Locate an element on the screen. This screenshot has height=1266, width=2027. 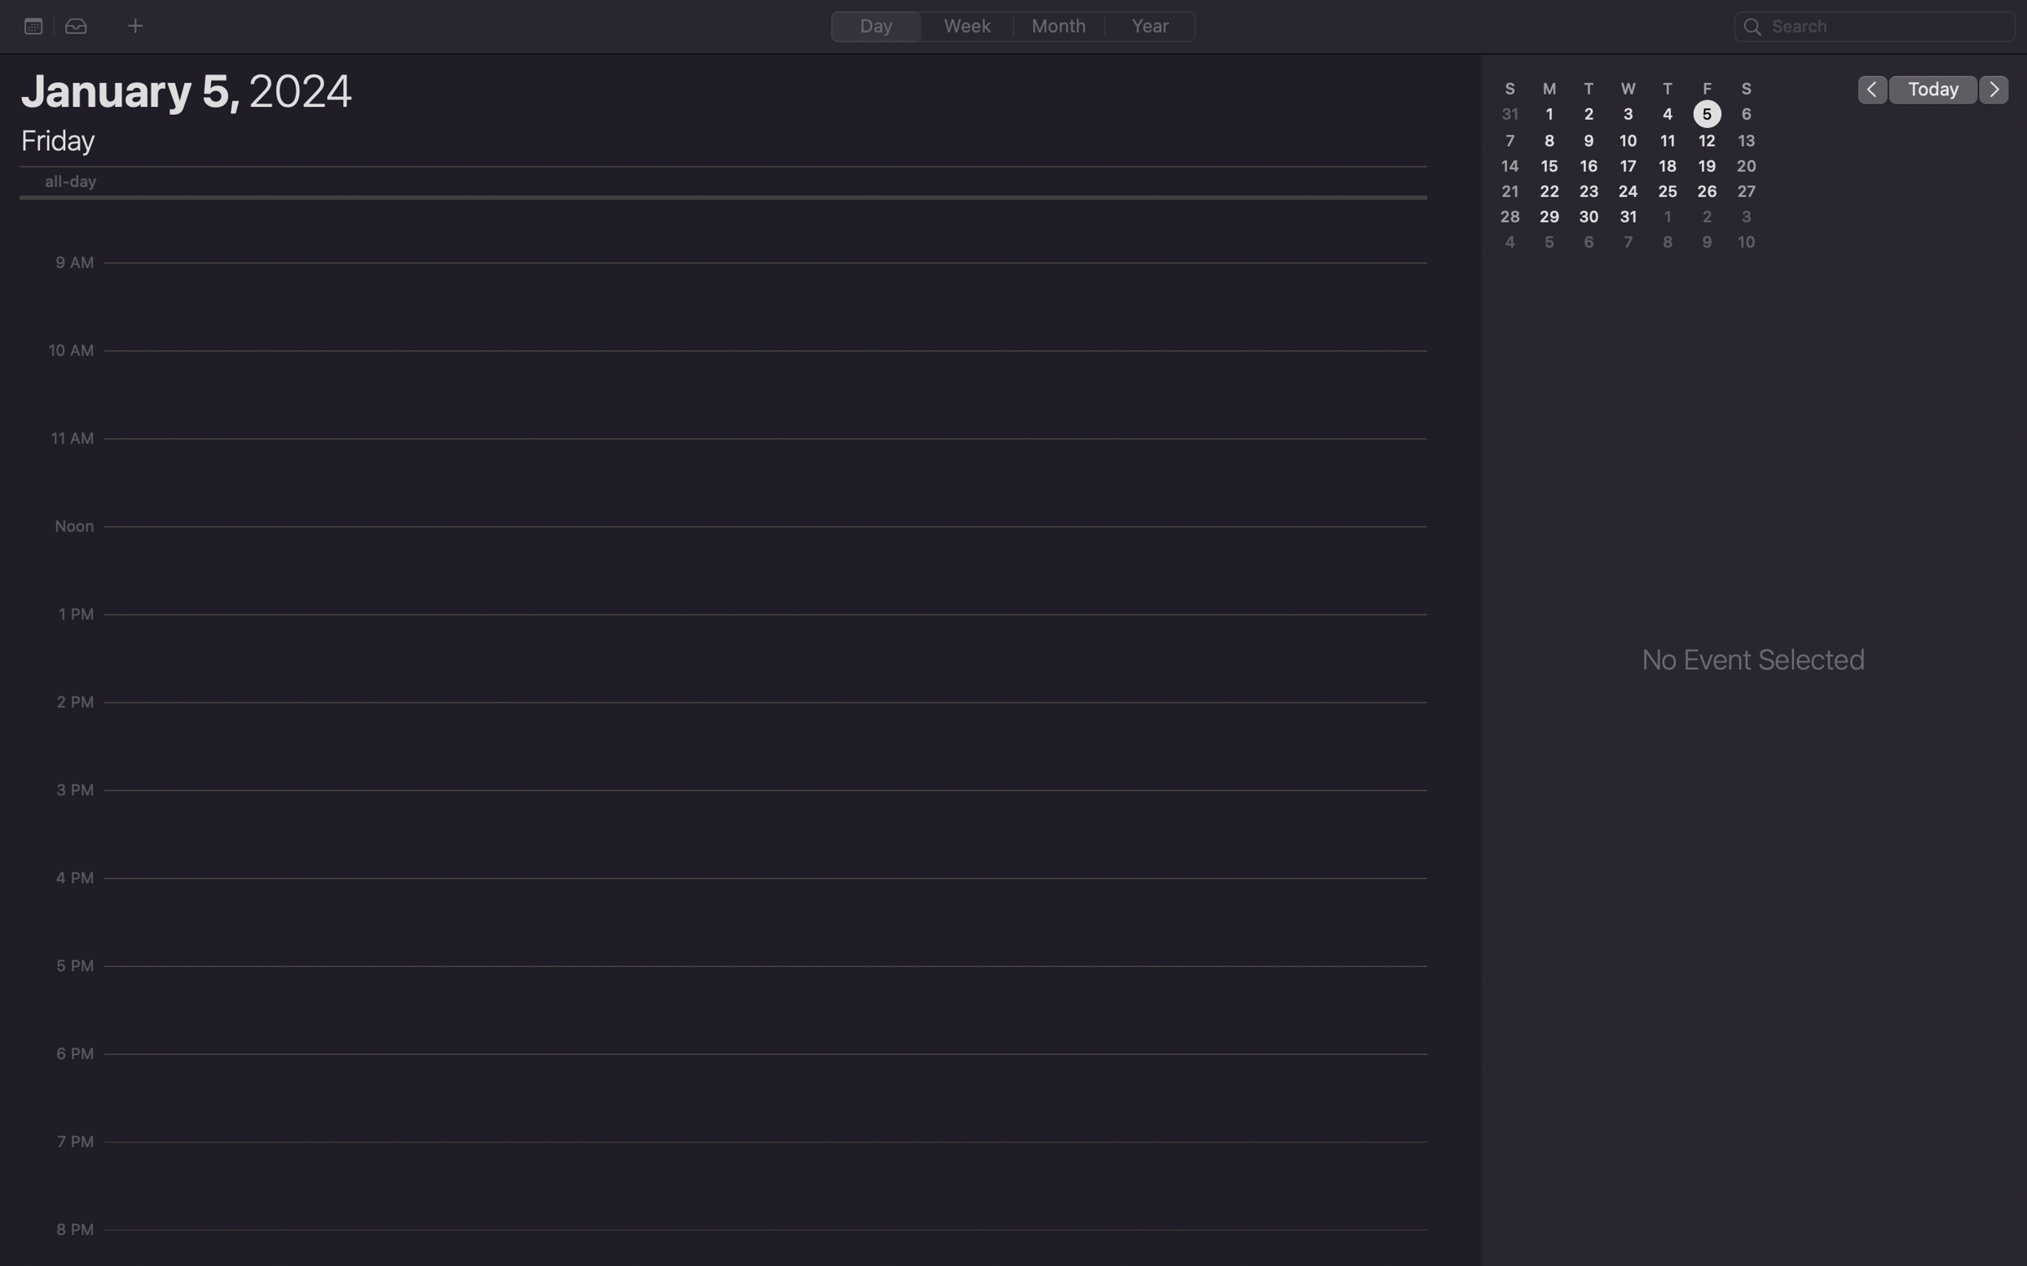
Go to the weekly view of the calendar is located at coordinates (967, 25).